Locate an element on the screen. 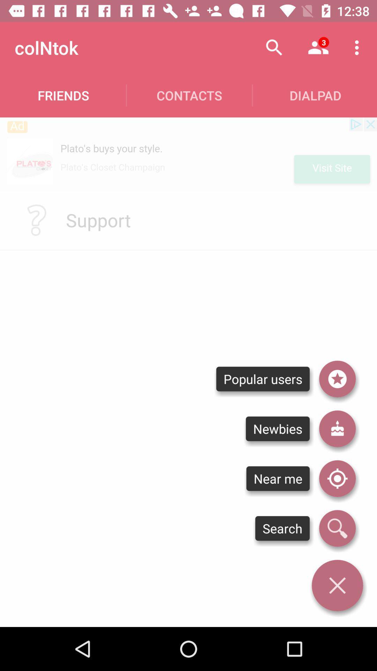 Image resolution: width=377 pixels, height=671 pixels. search is located at coordinates (337, 528).